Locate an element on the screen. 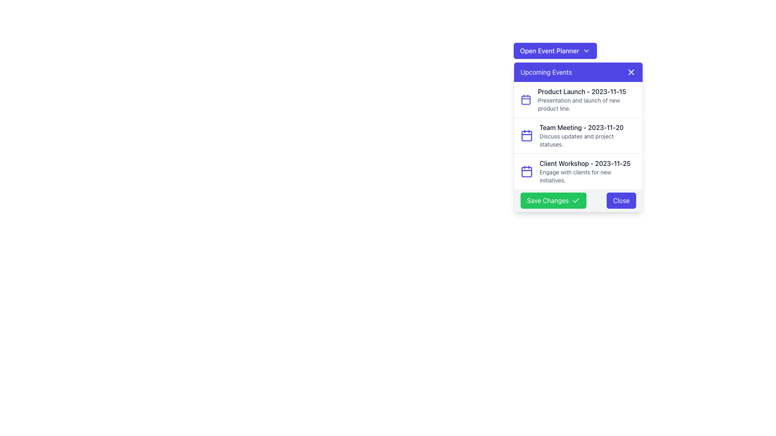 The height and width of the screenshot is (436, 776). the Close button (X icon) located at the top-right corner of the 'Upcoming Events' dropdown panel is located at coordinates (630, 71).